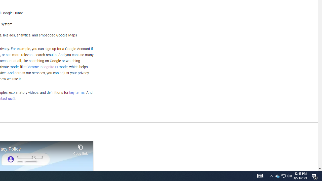 The width and height of the screenshot is (322, 181). What do you see at coordinates (76, 93) in the screenshot?
I see `'key terms'` at bounding box center [76, 93].